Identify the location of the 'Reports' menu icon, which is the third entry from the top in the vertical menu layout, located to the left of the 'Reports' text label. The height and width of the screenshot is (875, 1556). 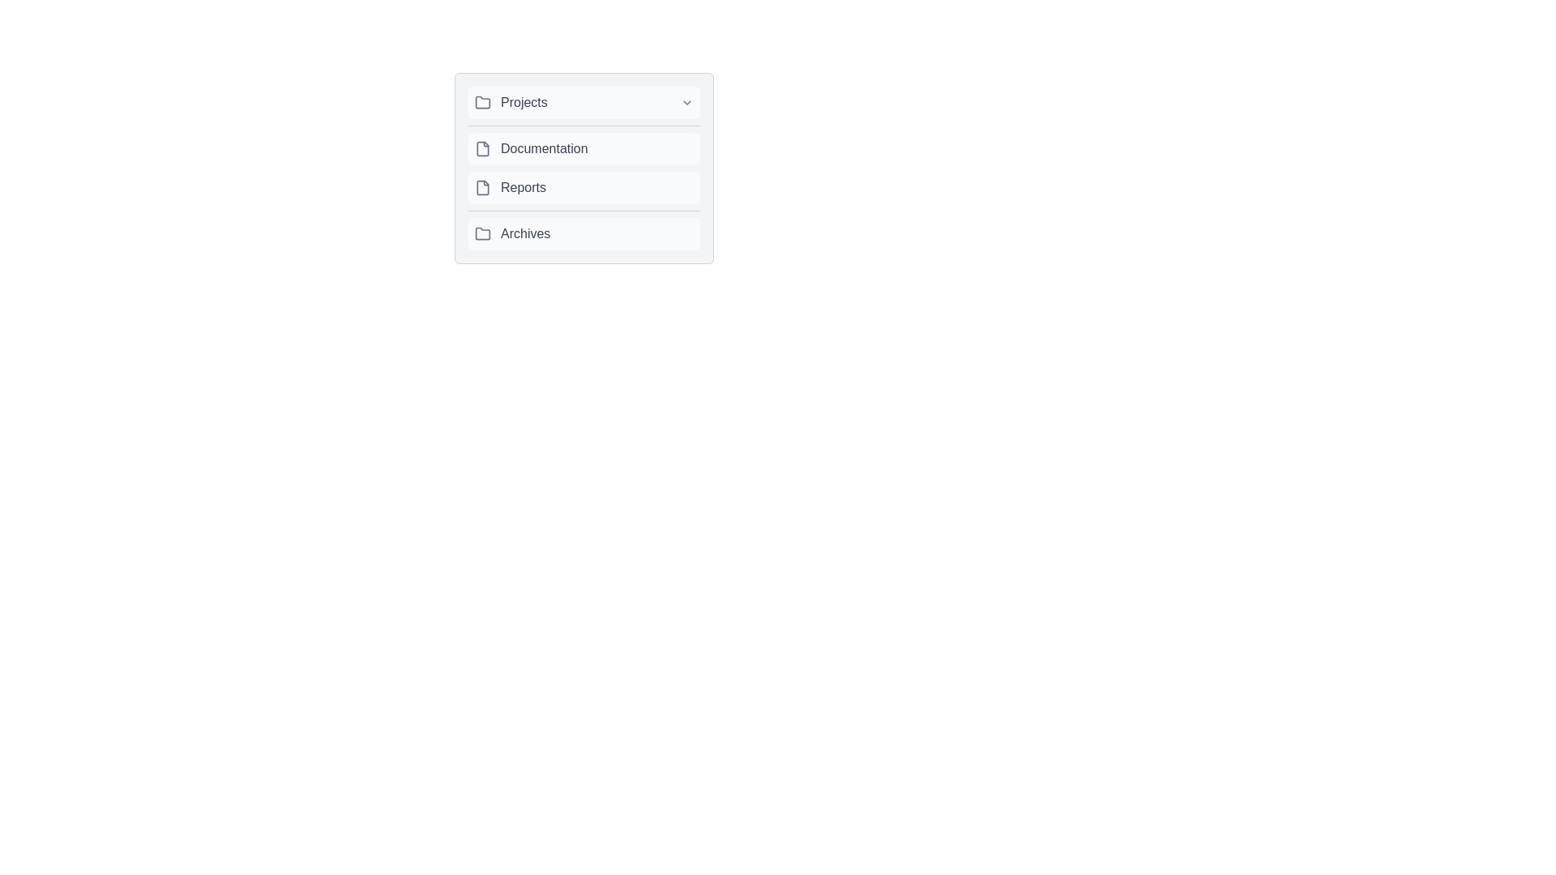
(481, 186).